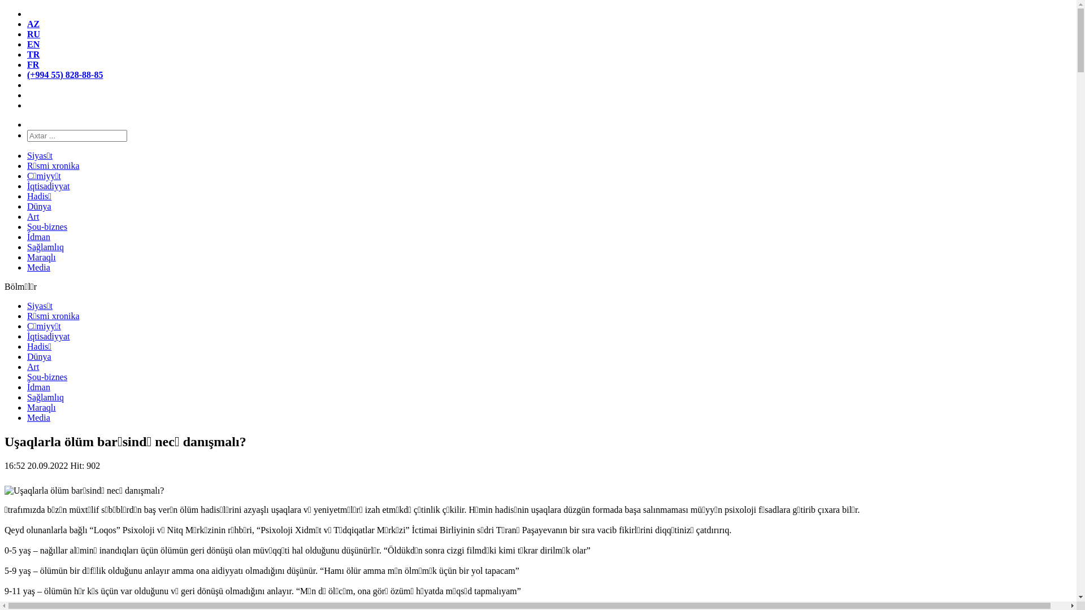 The height and width of the screenshot is (610, 1085). I want to click on 'Media', so click(38, 267).